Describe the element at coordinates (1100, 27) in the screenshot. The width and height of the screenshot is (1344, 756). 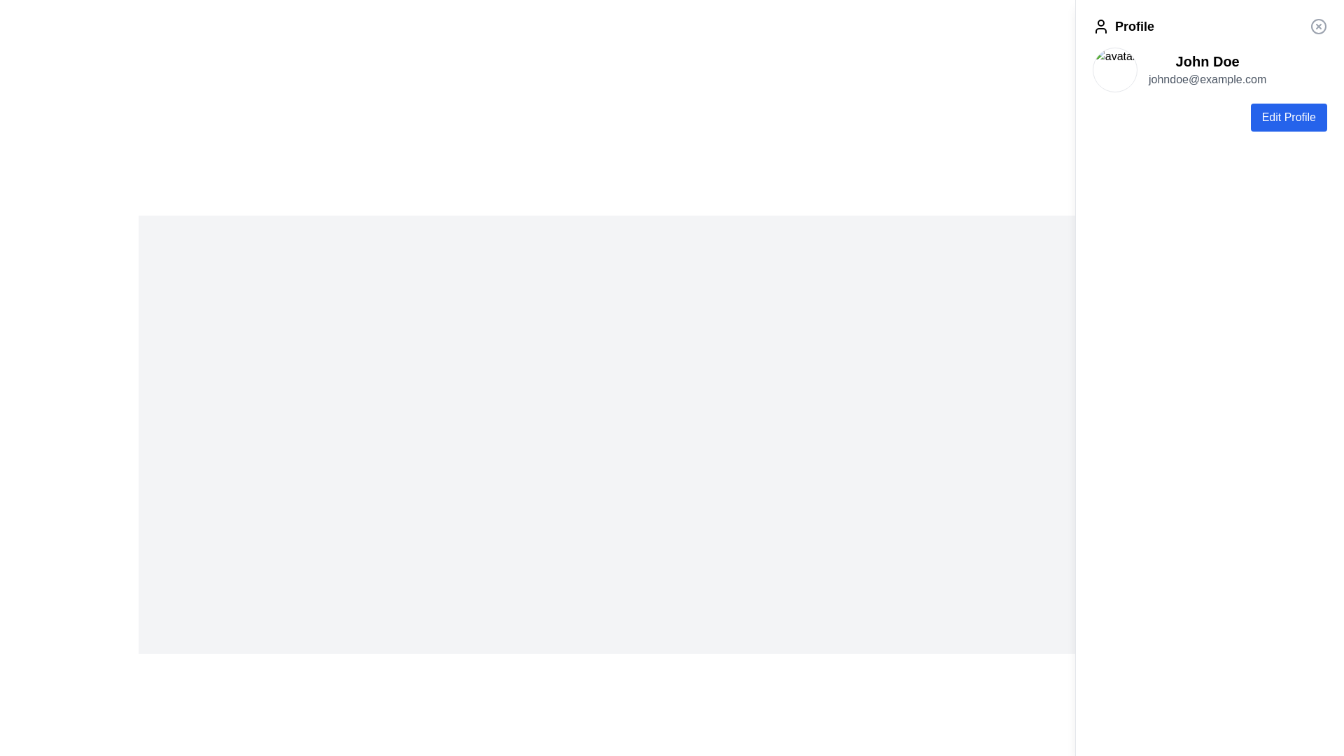
I see `the user icon, which is a minimalistic monochrome outline of a person located to the left of the 'Profile' text in the sidebar interface` at that location.